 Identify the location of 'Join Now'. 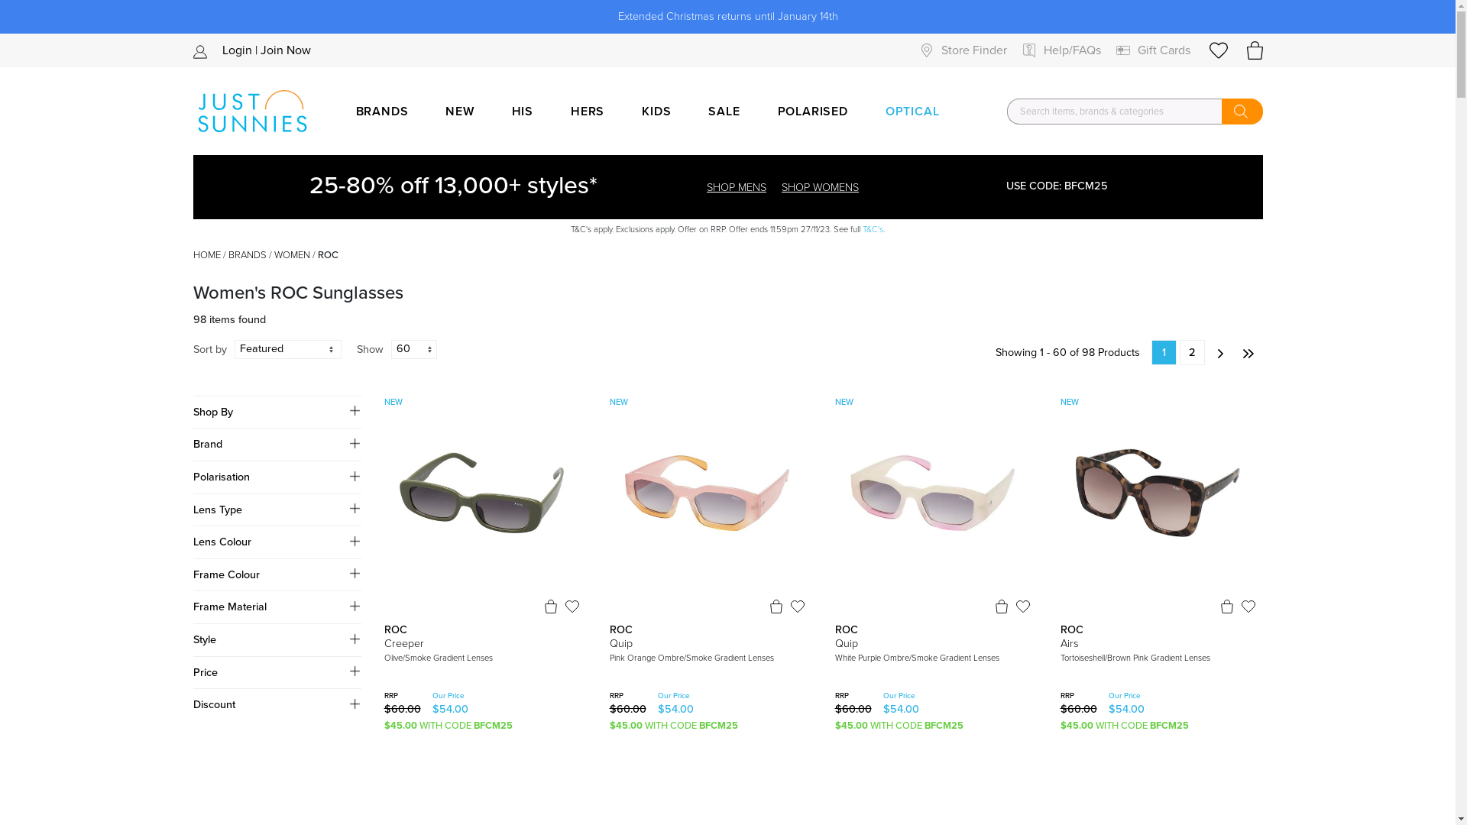
(285, 49).